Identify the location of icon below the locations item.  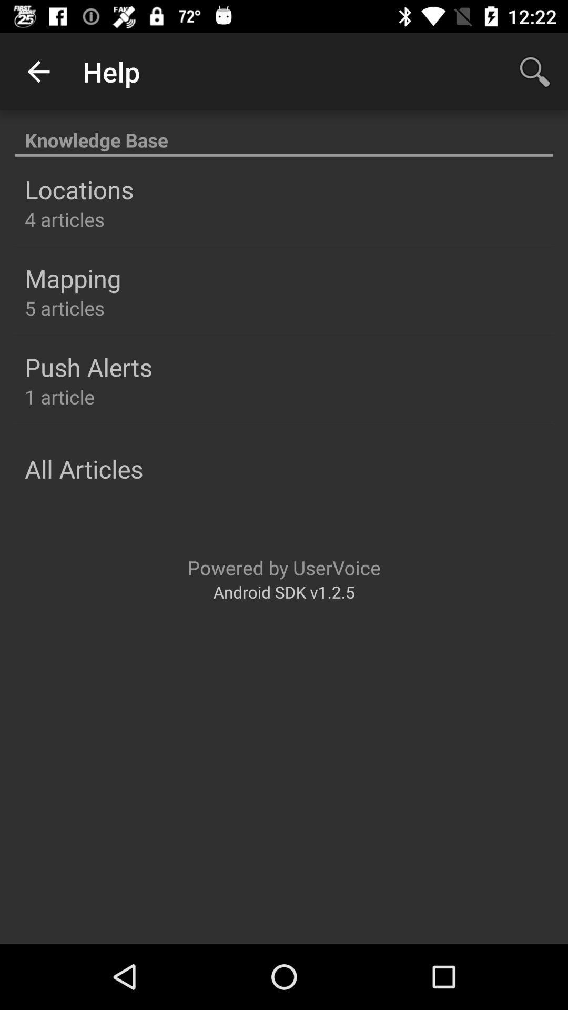
(65, 219).